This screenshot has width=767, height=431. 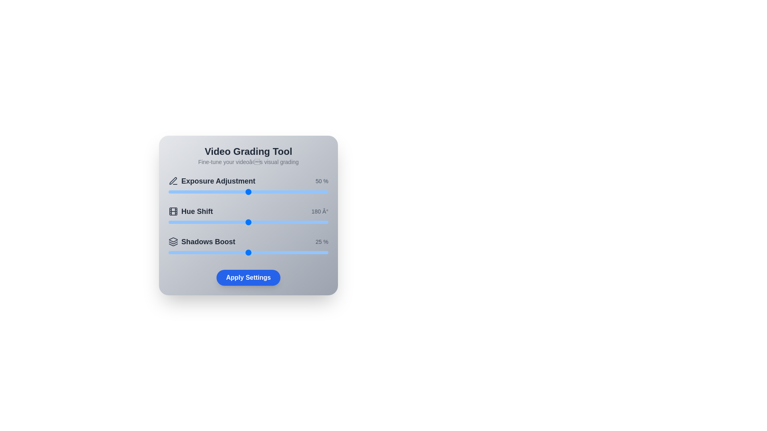 What do you see at coordinates (248, 162) in the screenshot?
I see `the Text Label that reads 'Fine-tune your video’s visual grading', which is located below the 'Video Grading Tool' header` at bounding box center [248, 162].